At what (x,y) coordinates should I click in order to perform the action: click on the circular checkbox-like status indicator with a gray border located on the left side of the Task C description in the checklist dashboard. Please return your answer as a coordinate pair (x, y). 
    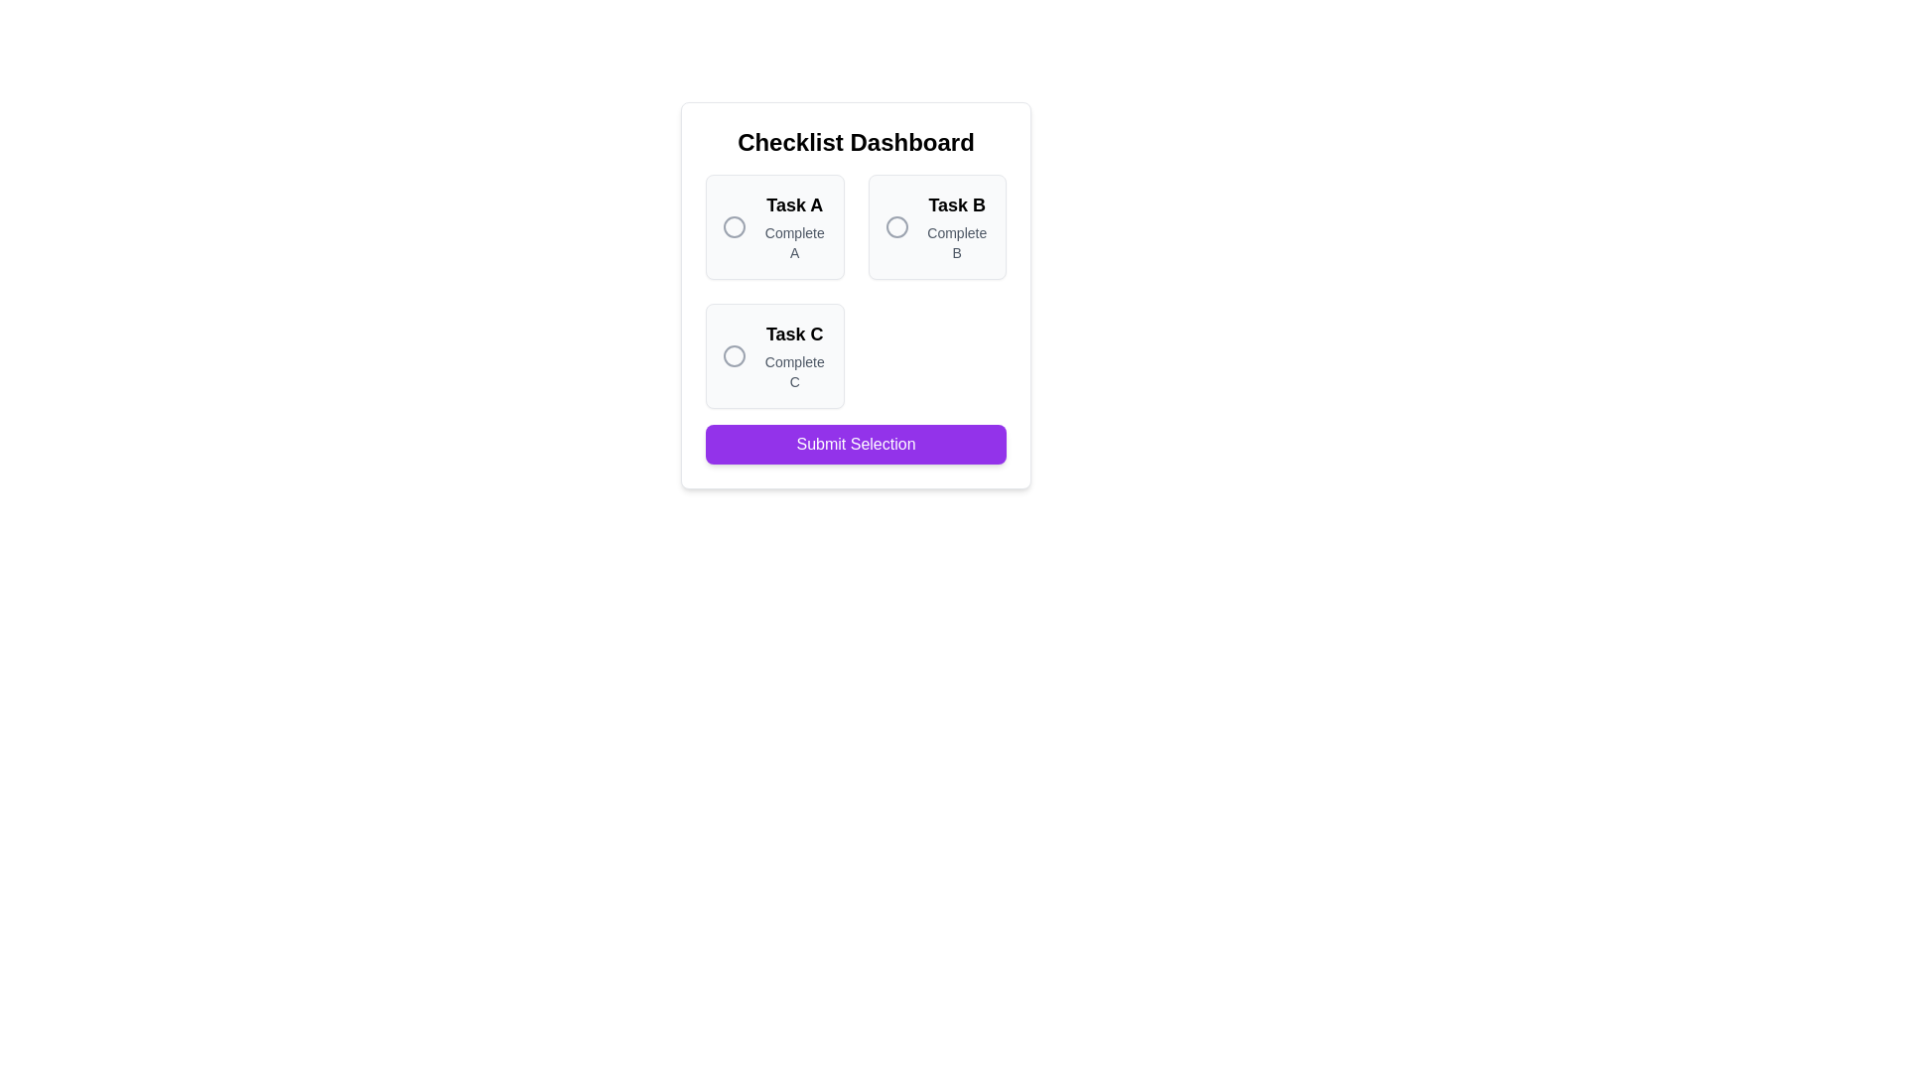
    Looking at the image, I should click on (733, 354).